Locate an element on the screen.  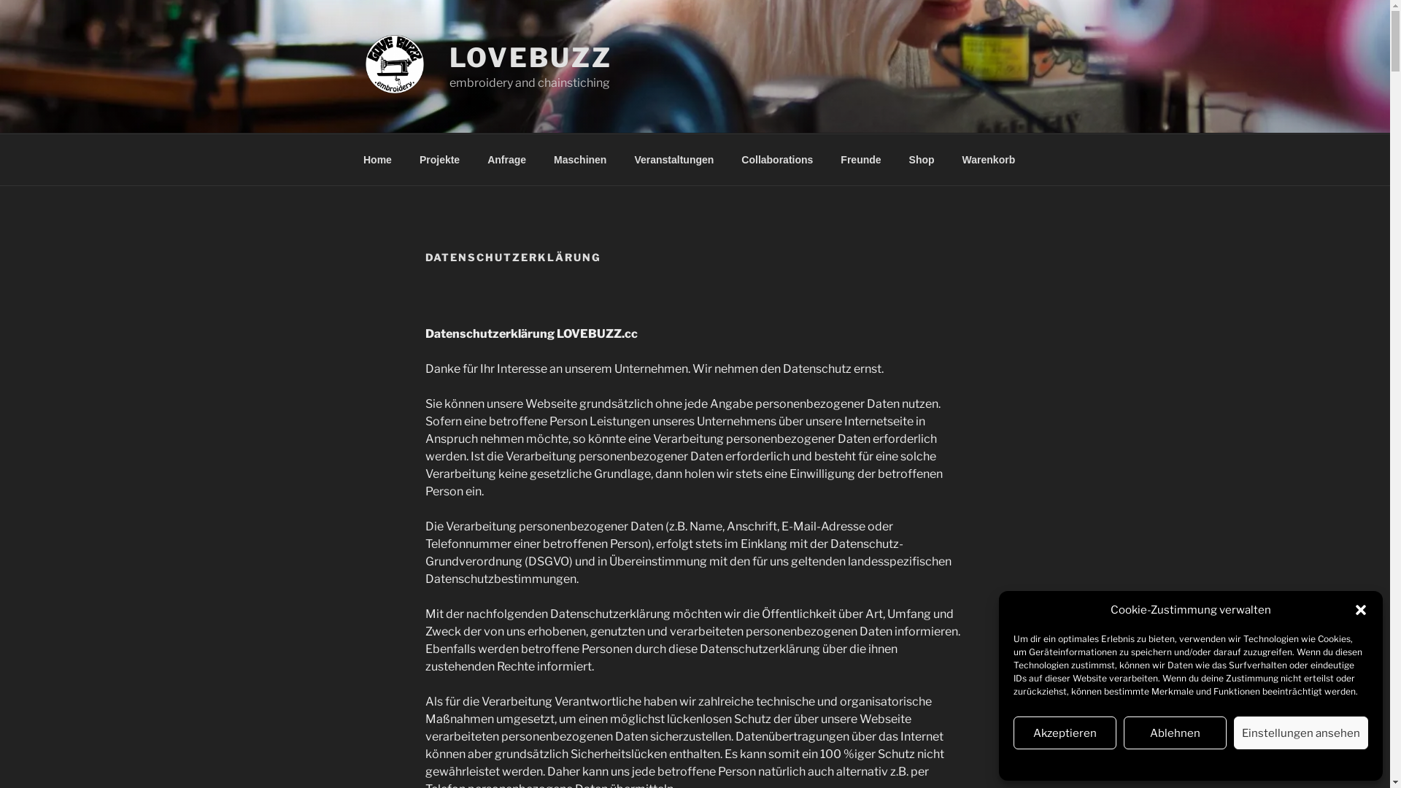
'Warenkorb' is located at coordinates (988, 159).